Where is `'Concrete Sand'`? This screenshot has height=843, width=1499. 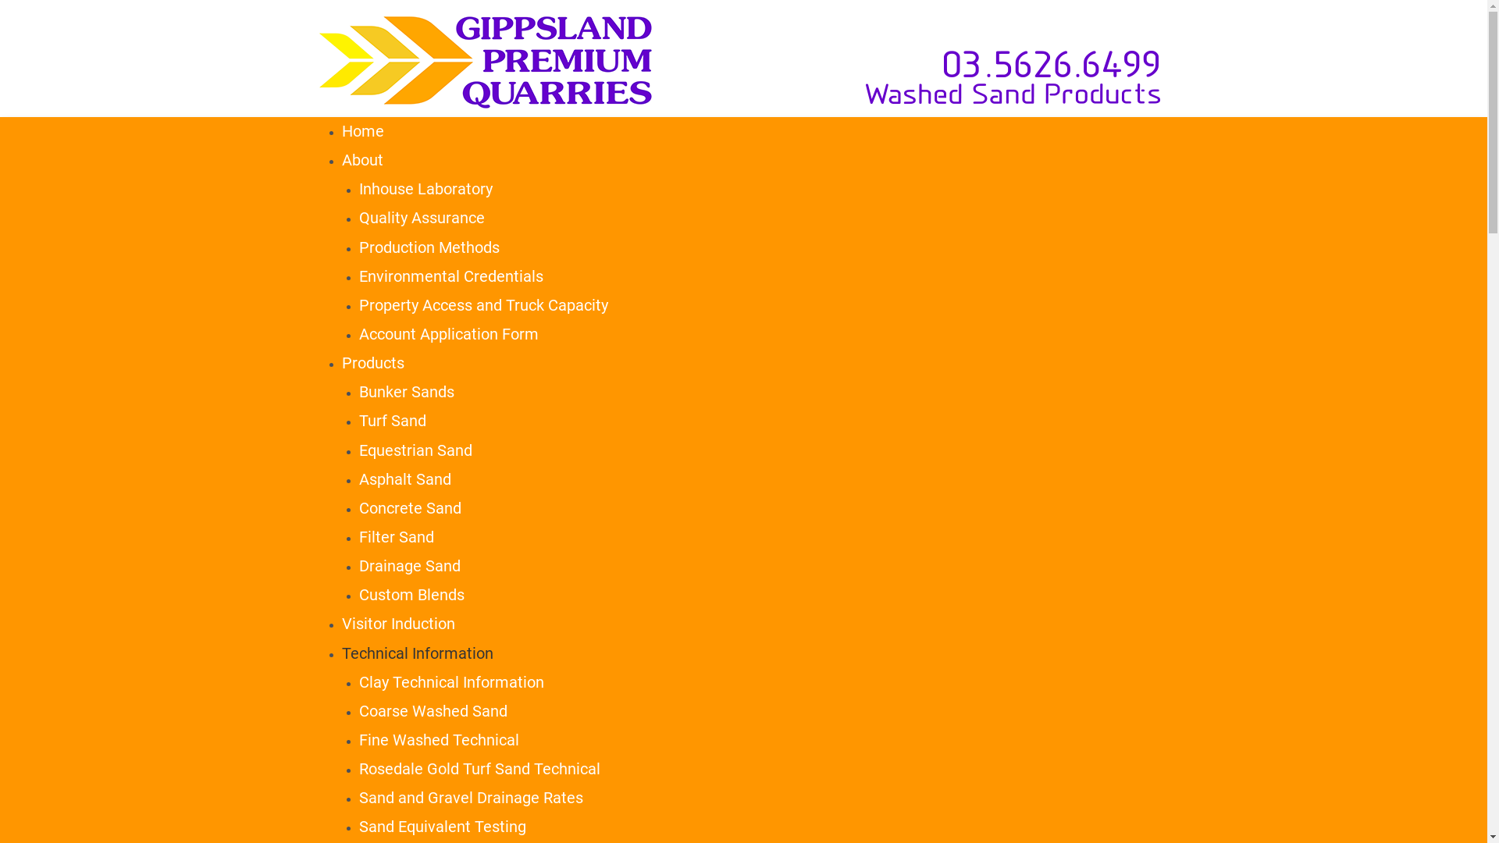
'Concrete Sand' is located at coordinates (410, 508).